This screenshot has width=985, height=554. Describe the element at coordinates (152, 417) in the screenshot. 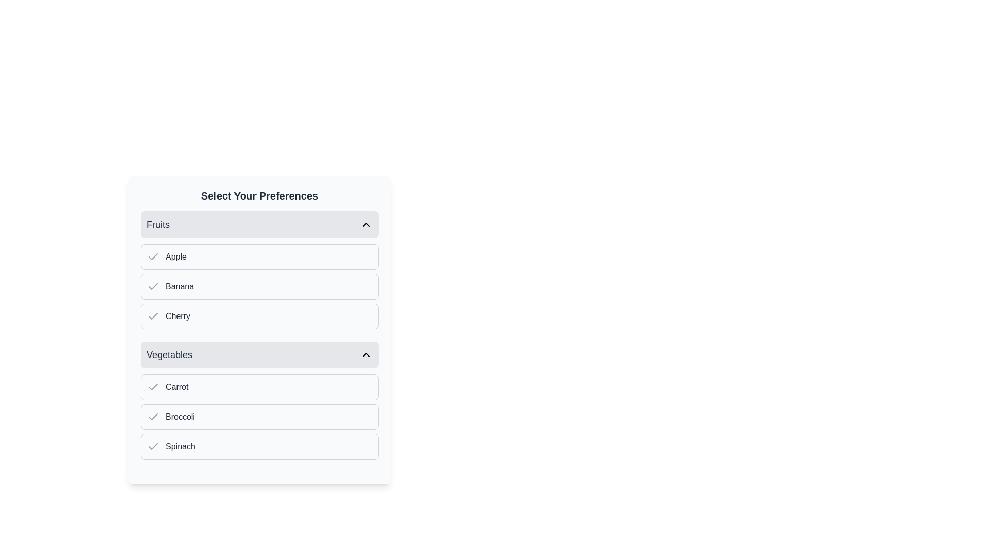

I see `the gray checkmark icon located to the left of the 'Broccoli' list item in the 'Vegetables' category` at that location.